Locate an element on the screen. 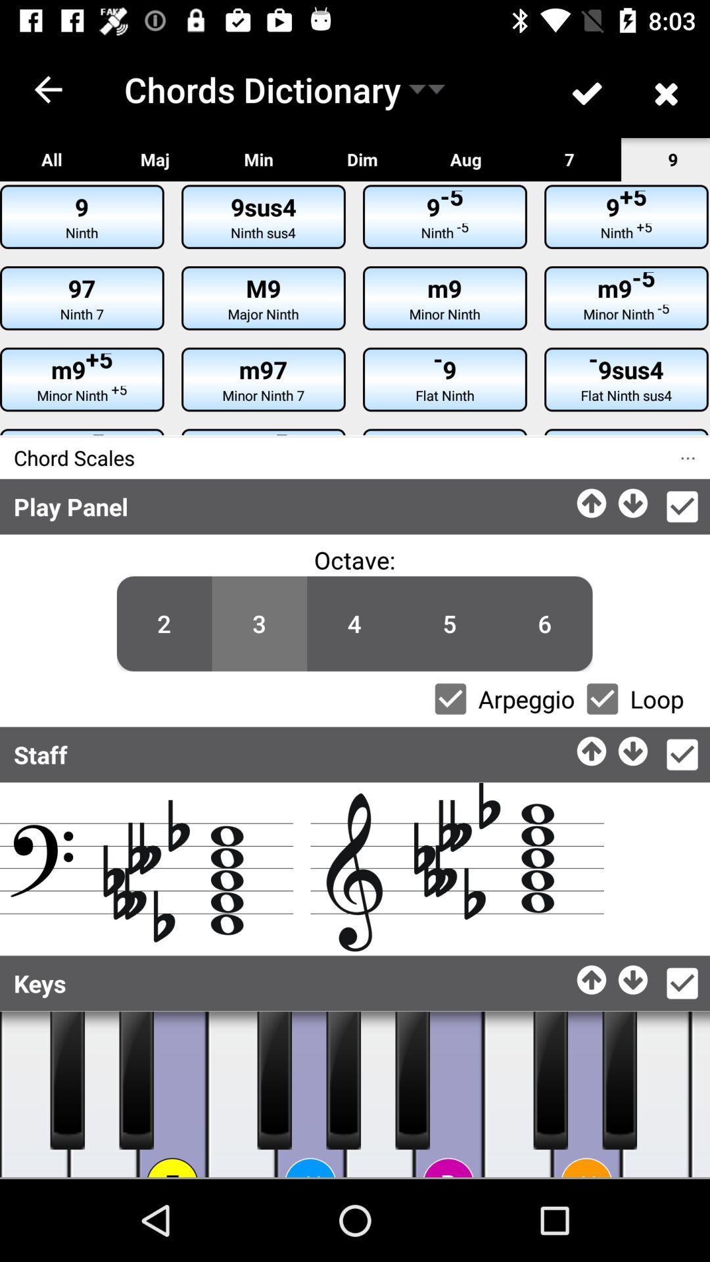 This screenshot has height=1262, width=710. plays a key on the virtual piano is located at coordinates (241, 1094).